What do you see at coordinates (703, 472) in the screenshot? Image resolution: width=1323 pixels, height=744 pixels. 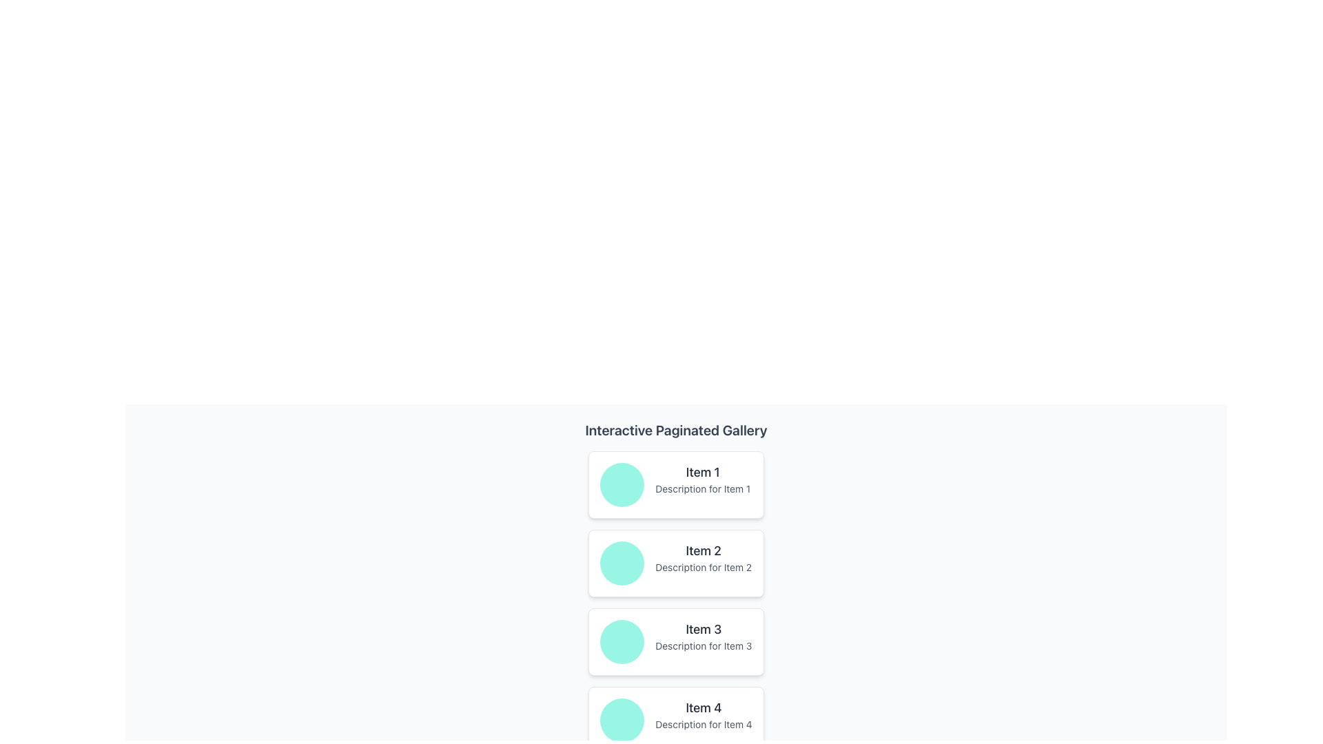 I see `the bold text labeled 'Item 1', which is prominently styled and located in the top-left corner of its card, adjacent to a circular icon` at bounding box center [703, 472].